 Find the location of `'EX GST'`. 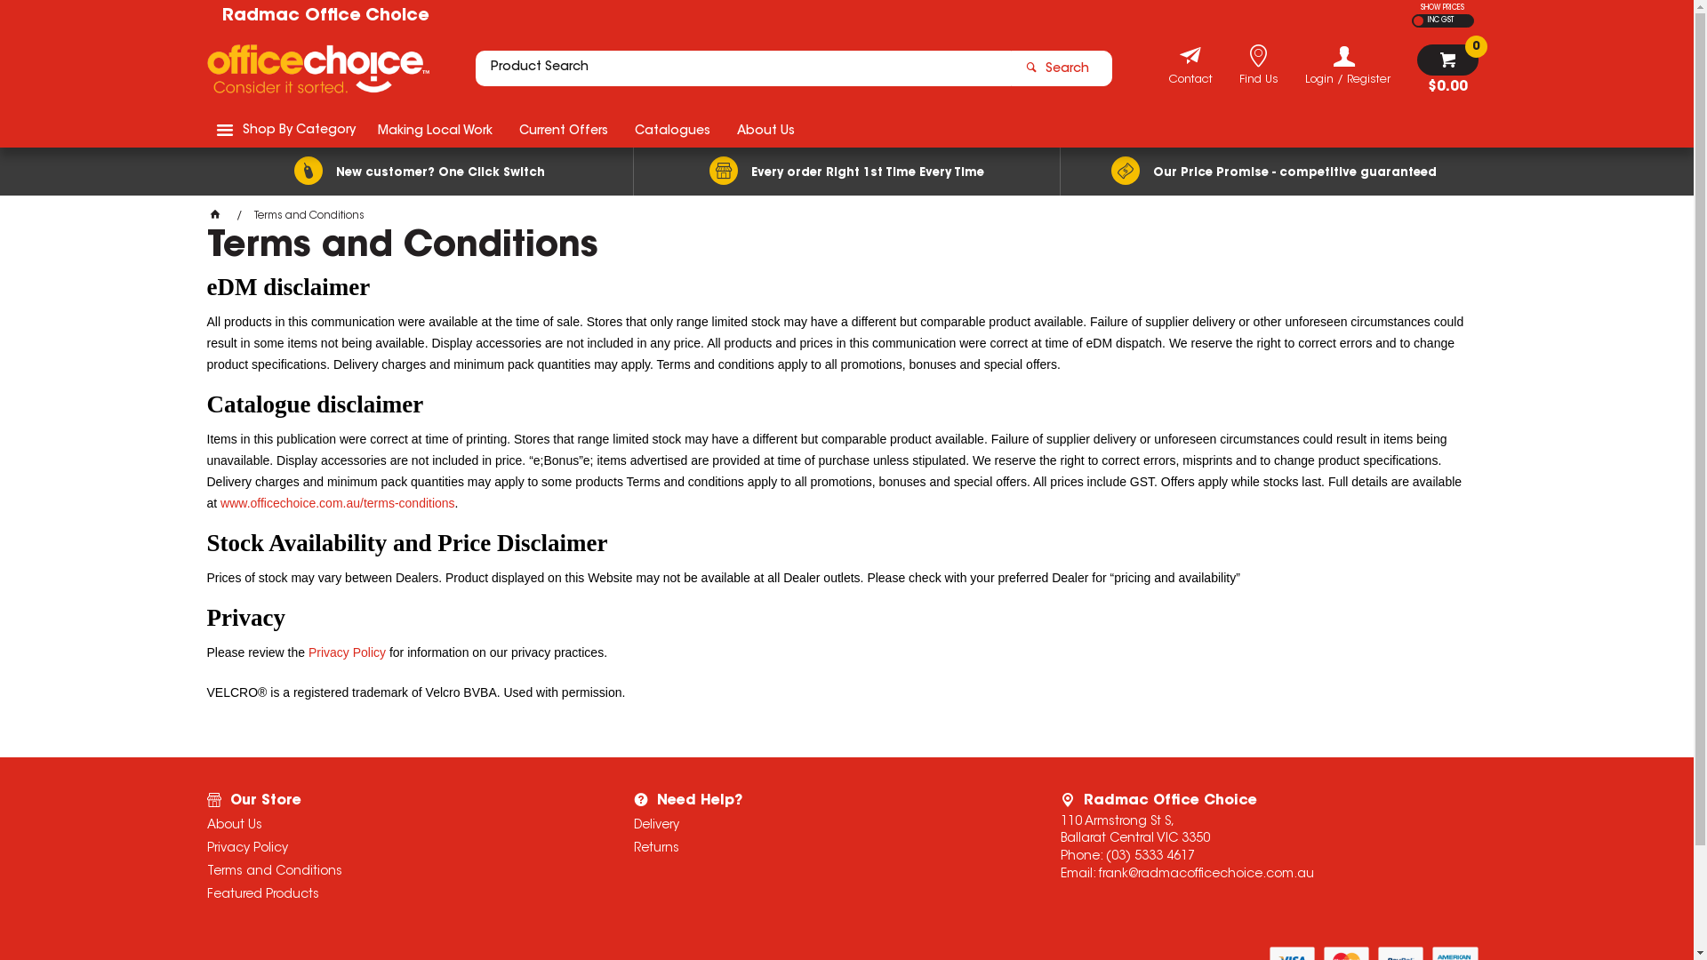

'EX GST' is located at coordinates (1417, 20).